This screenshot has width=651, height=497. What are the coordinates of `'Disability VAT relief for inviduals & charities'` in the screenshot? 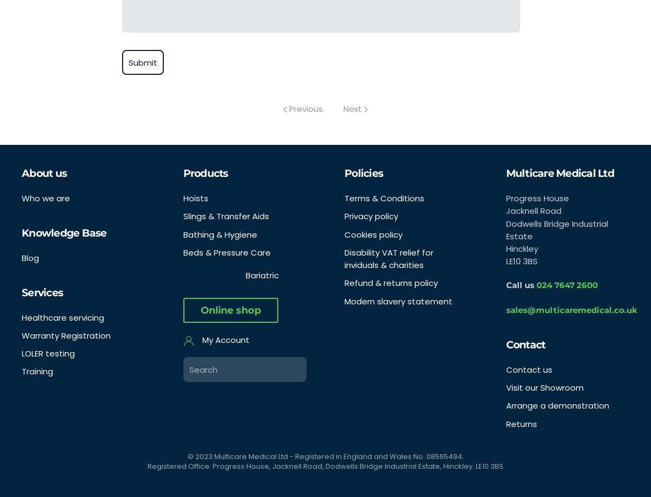 It's located at (389, 258).